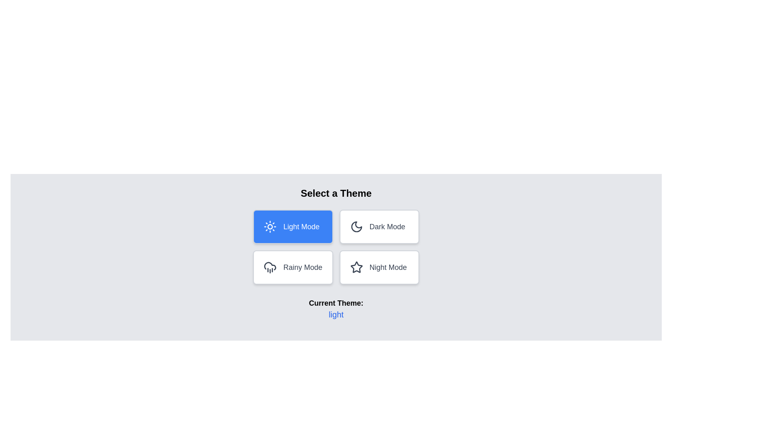 This screenshot has width=780, height=439. I want to click on the button corresponding to the theme night, so click(378, 267).